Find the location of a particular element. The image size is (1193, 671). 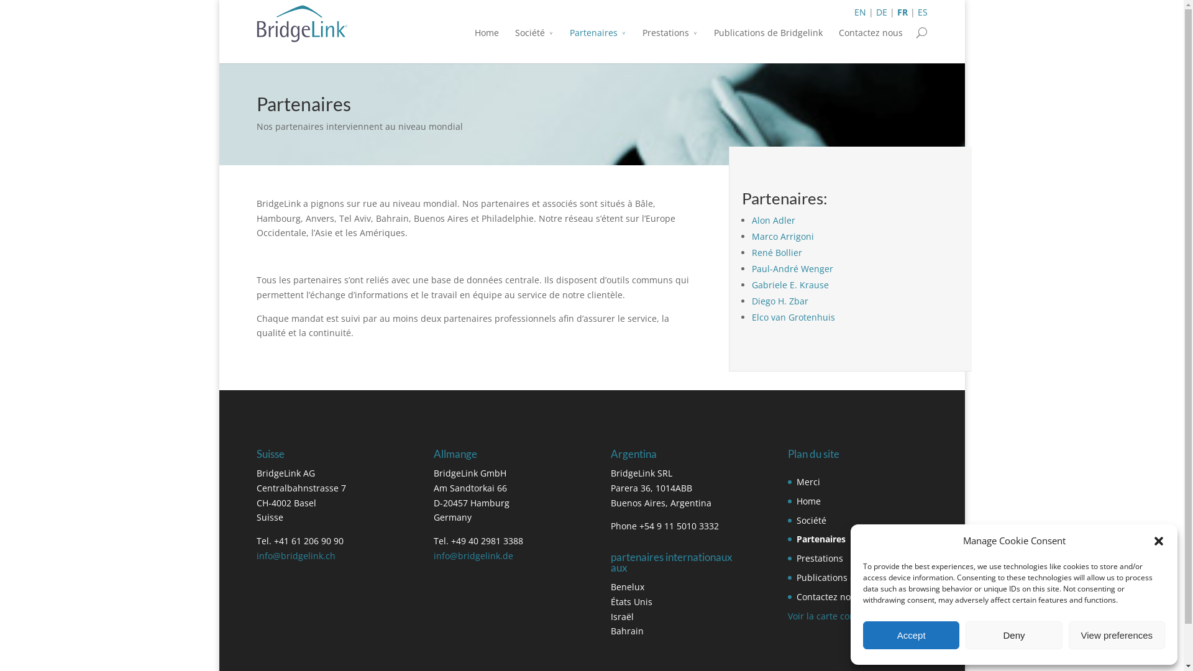

'Prestations' is located at coordinates (669, 40).